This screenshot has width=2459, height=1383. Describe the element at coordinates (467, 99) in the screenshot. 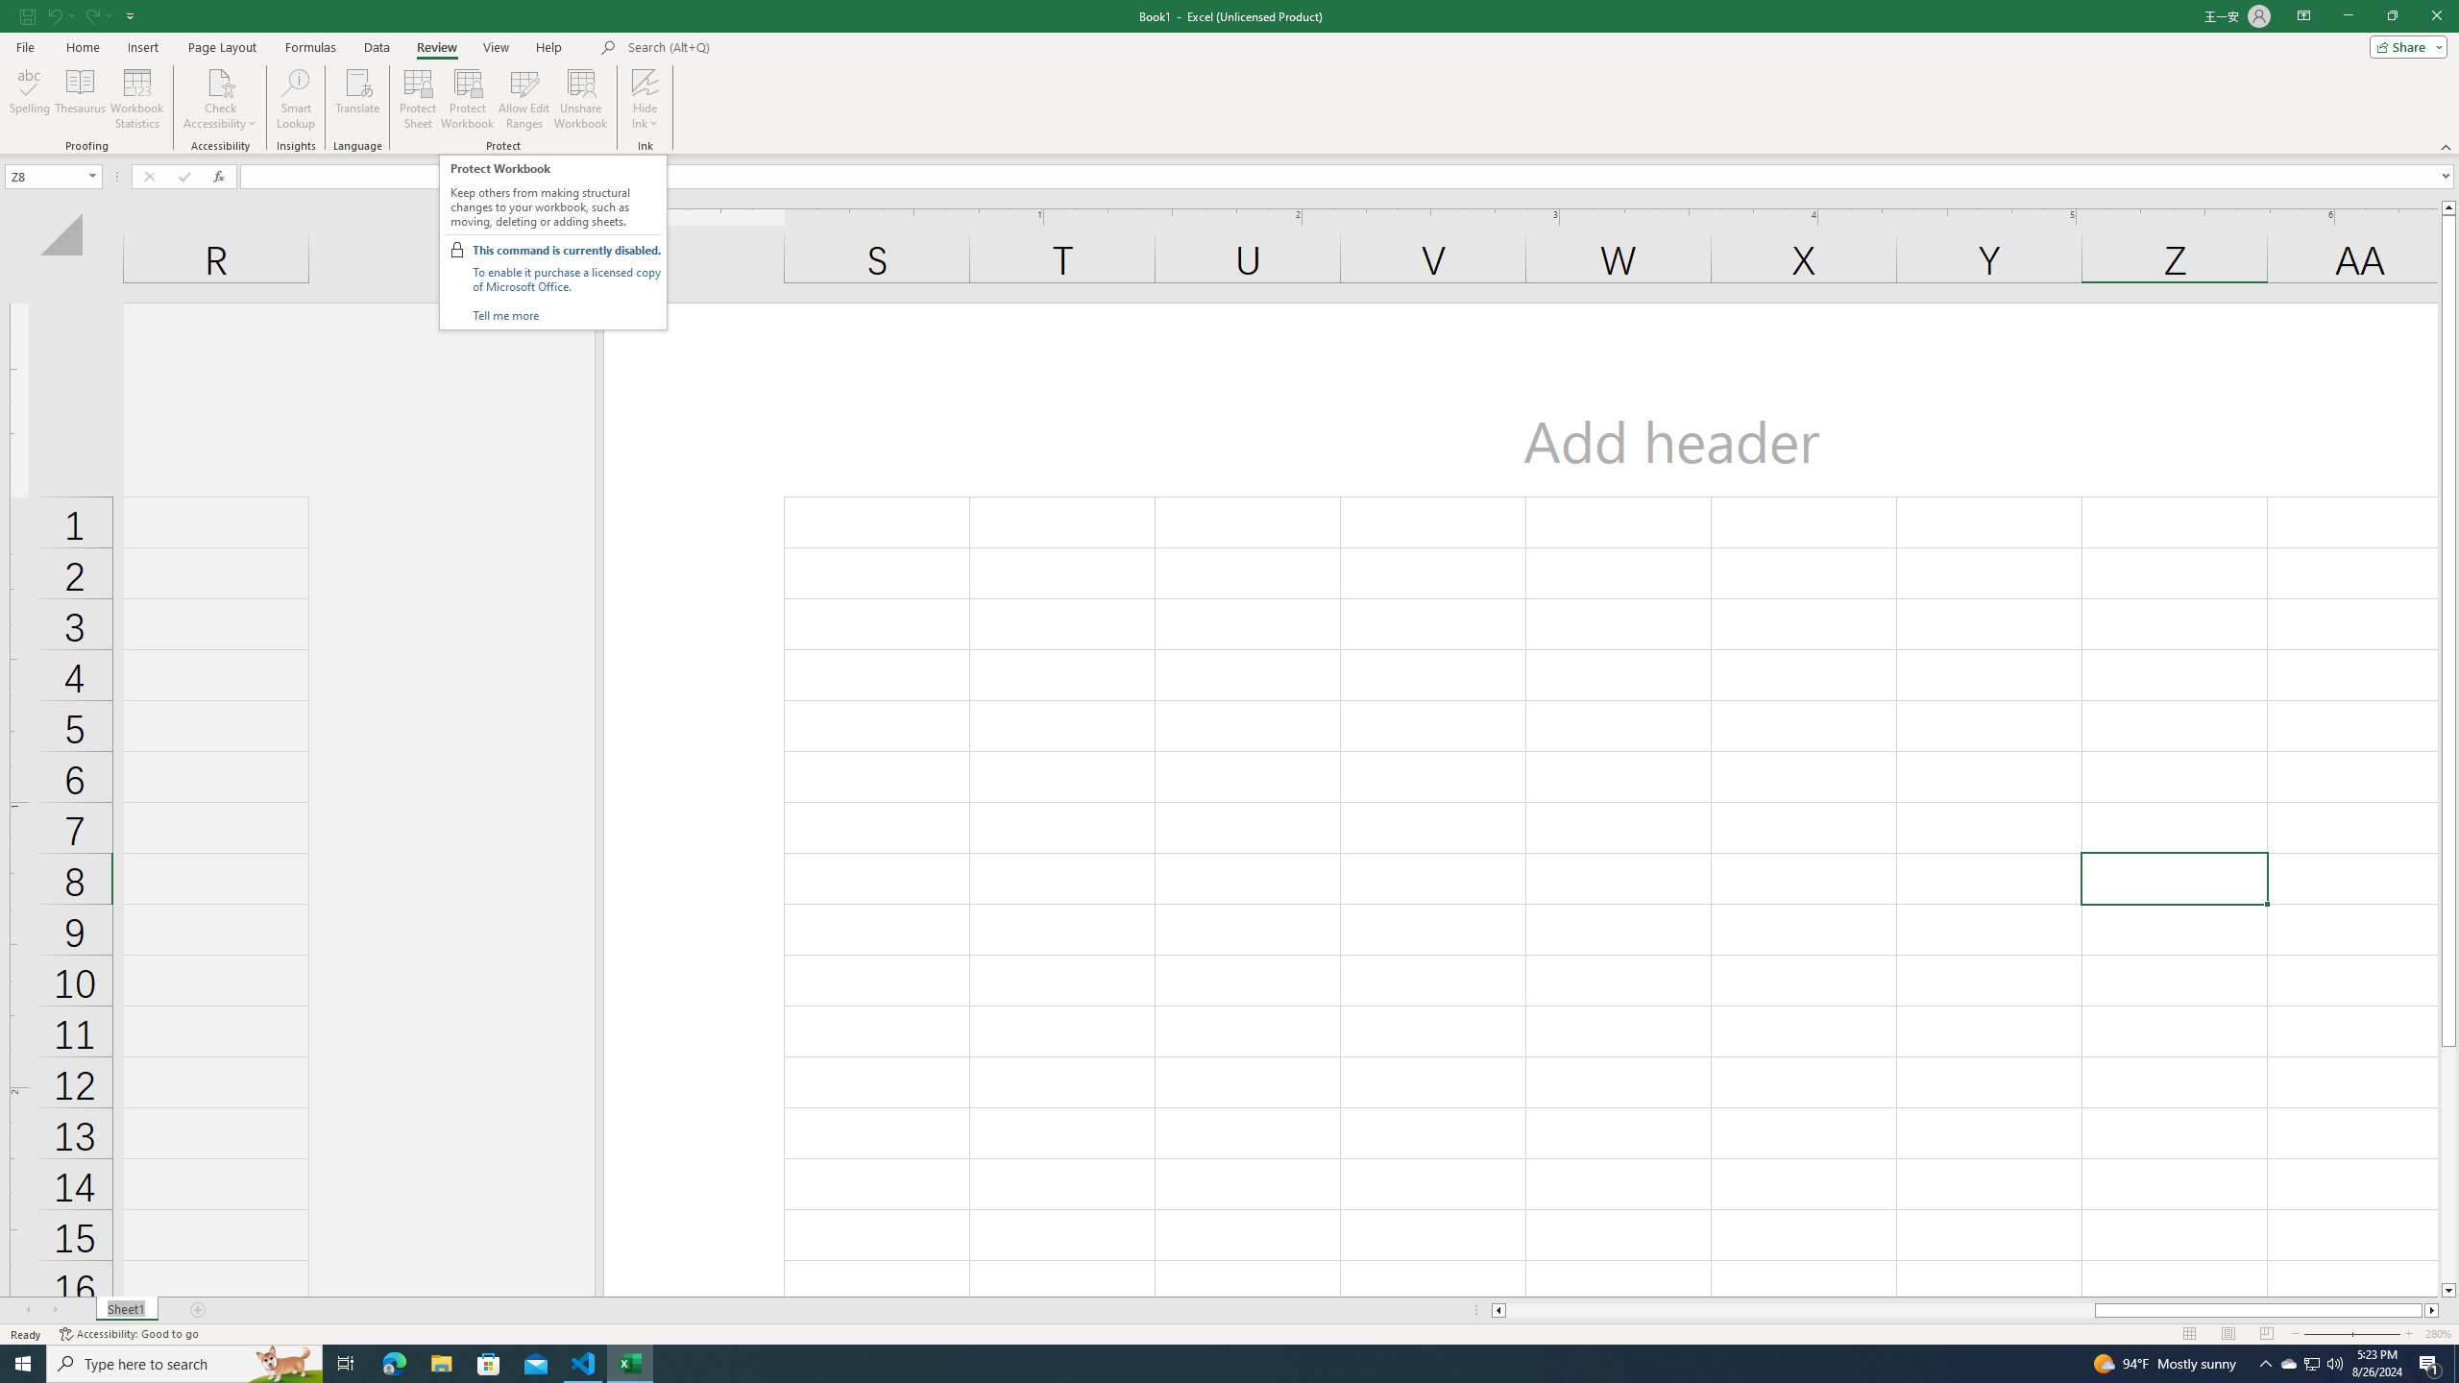

I see `'Protect Workbook...'` at that location.